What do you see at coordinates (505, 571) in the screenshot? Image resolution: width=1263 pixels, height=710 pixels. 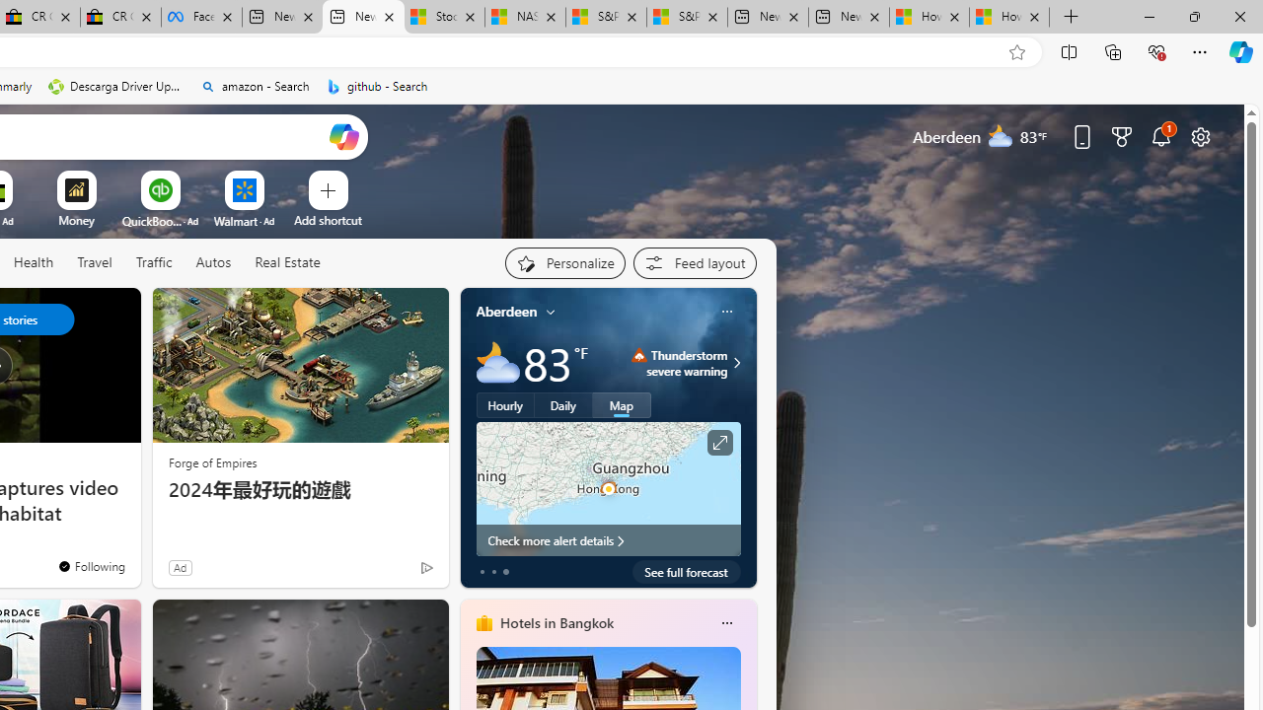 I see `'tab-2'` at bounding box center [505, 571].